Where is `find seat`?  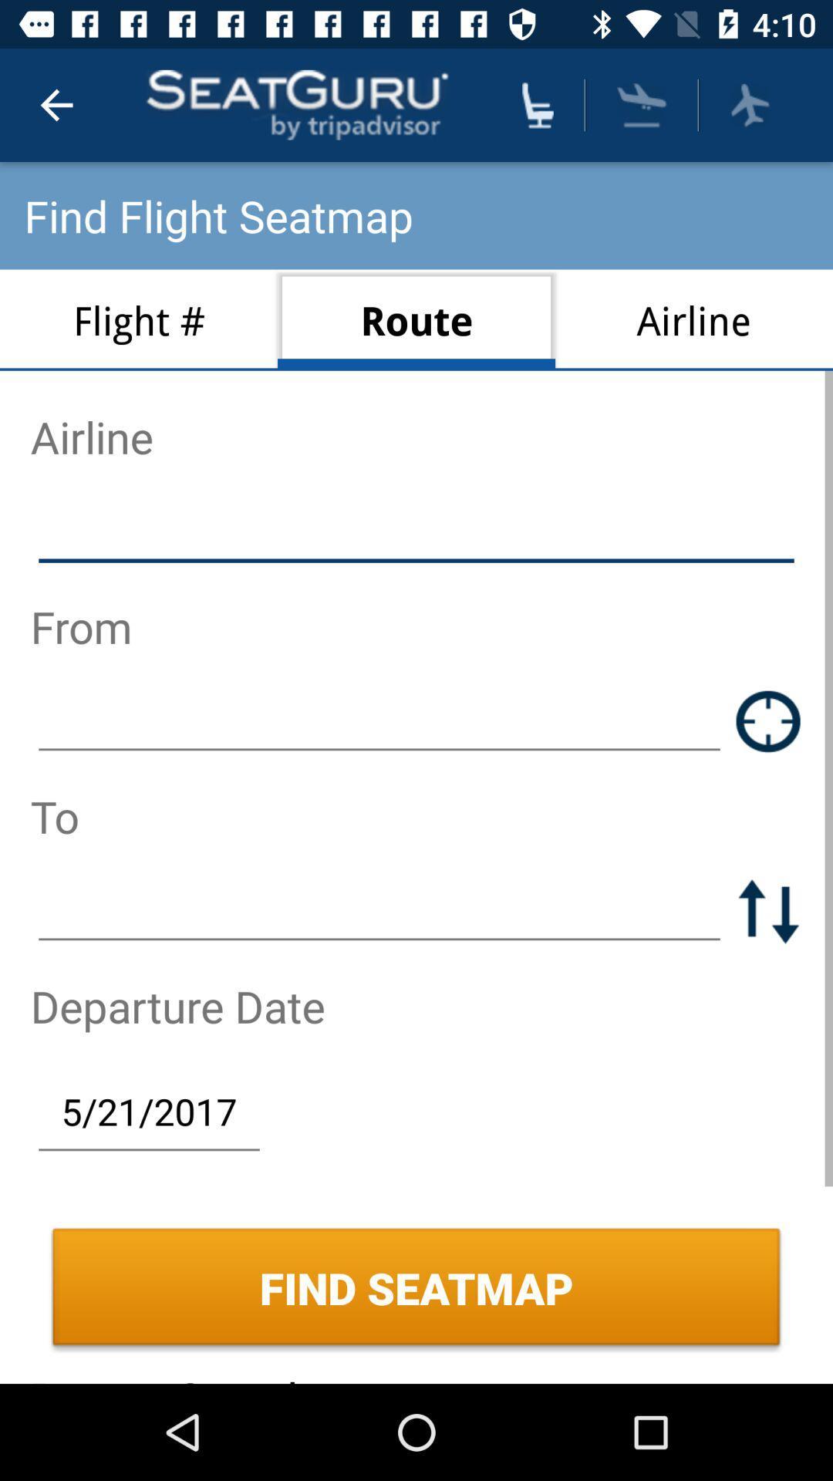 find seat is located at coordinates (537, 104).